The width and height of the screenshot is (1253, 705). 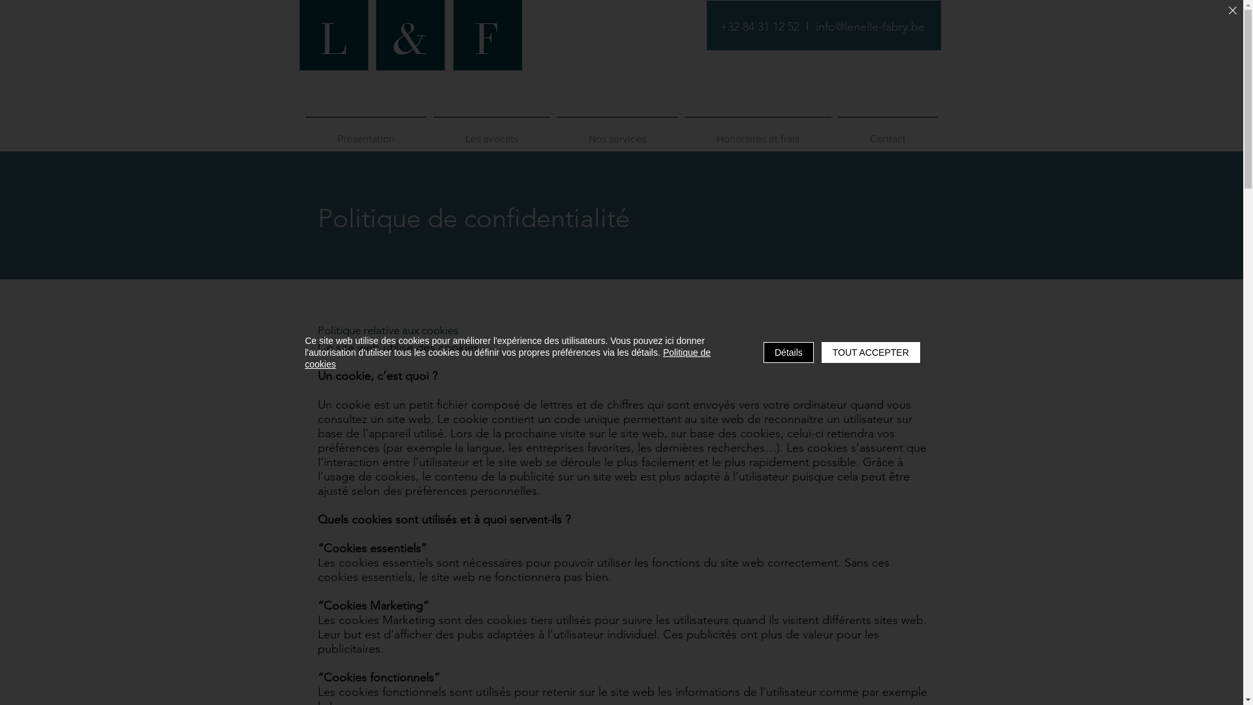 I want to click on 'Logo L&F.png', so click(x=409, y=54).